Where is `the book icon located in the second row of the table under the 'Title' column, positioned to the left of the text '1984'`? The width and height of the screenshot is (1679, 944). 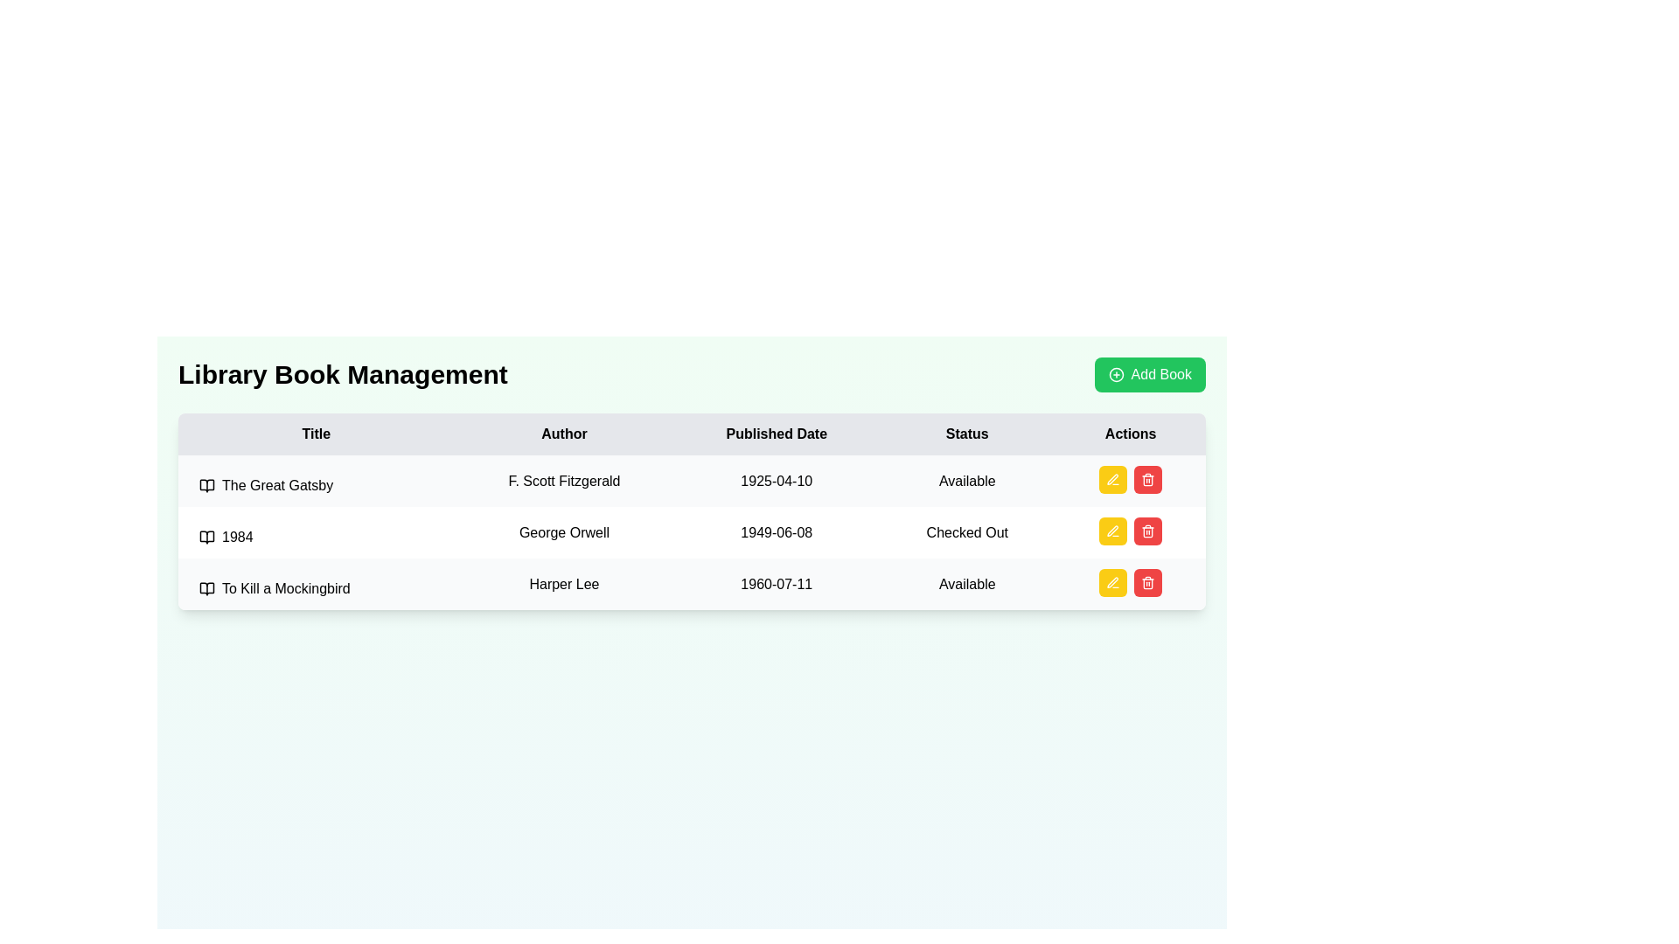
the book icon located in the second row of the table under the 'Title' column, positioned to the left of the text '1984' is located at coordinates (206, 536).